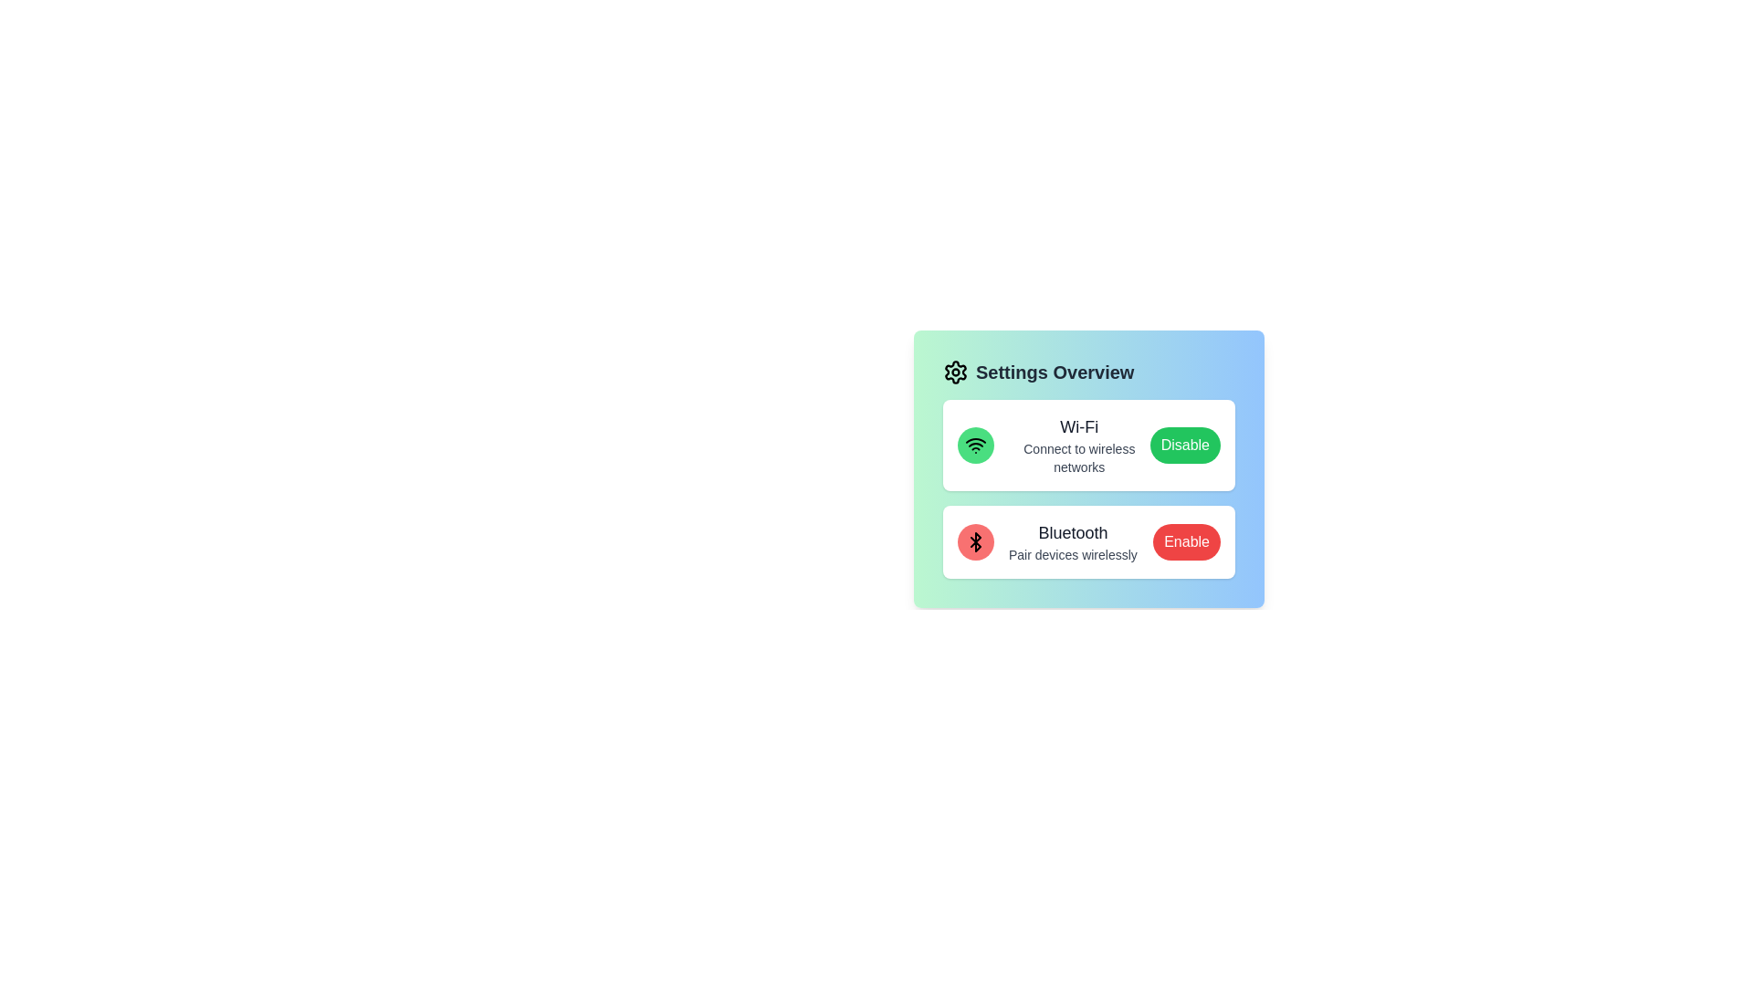 This screenshot has height=986, width=1753. Describe the element at coordinates (1089, 541) in the screenshot. I see `the list item for Bluetooth` at that location.